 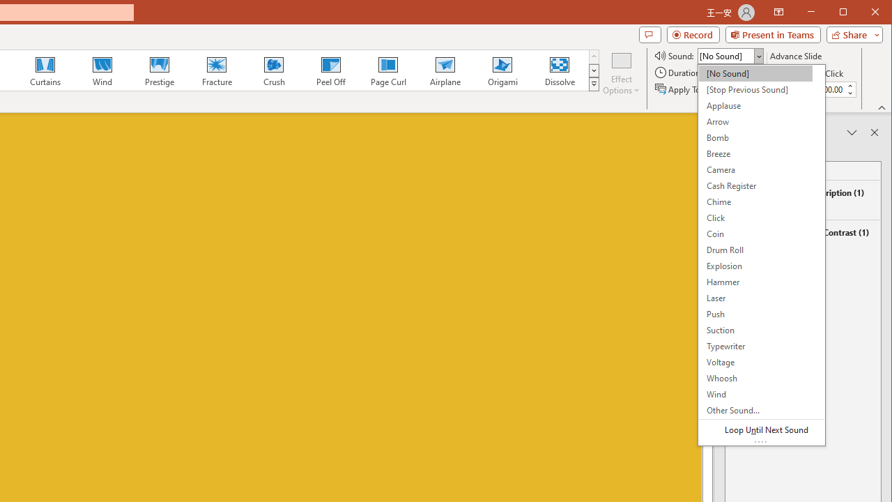 I want to click on 'Less', so click(x=849, y=93).